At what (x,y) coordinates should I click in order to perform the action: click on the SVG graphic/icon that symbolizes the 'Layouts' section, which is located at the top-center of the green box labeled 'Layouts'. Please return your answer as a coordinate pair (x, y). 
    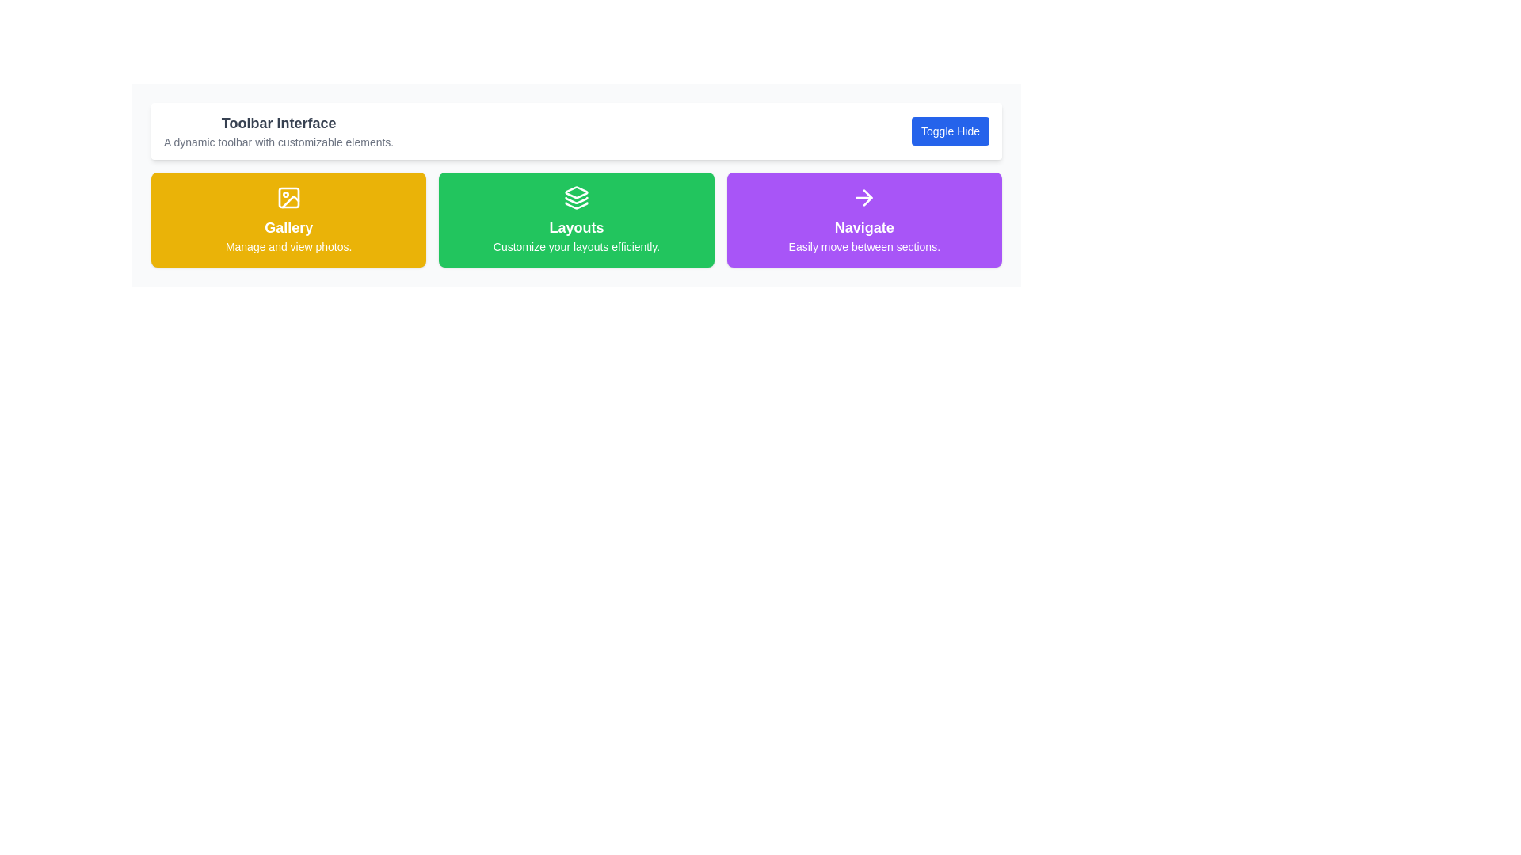
    Looking at the image, I should click on (576, 197).